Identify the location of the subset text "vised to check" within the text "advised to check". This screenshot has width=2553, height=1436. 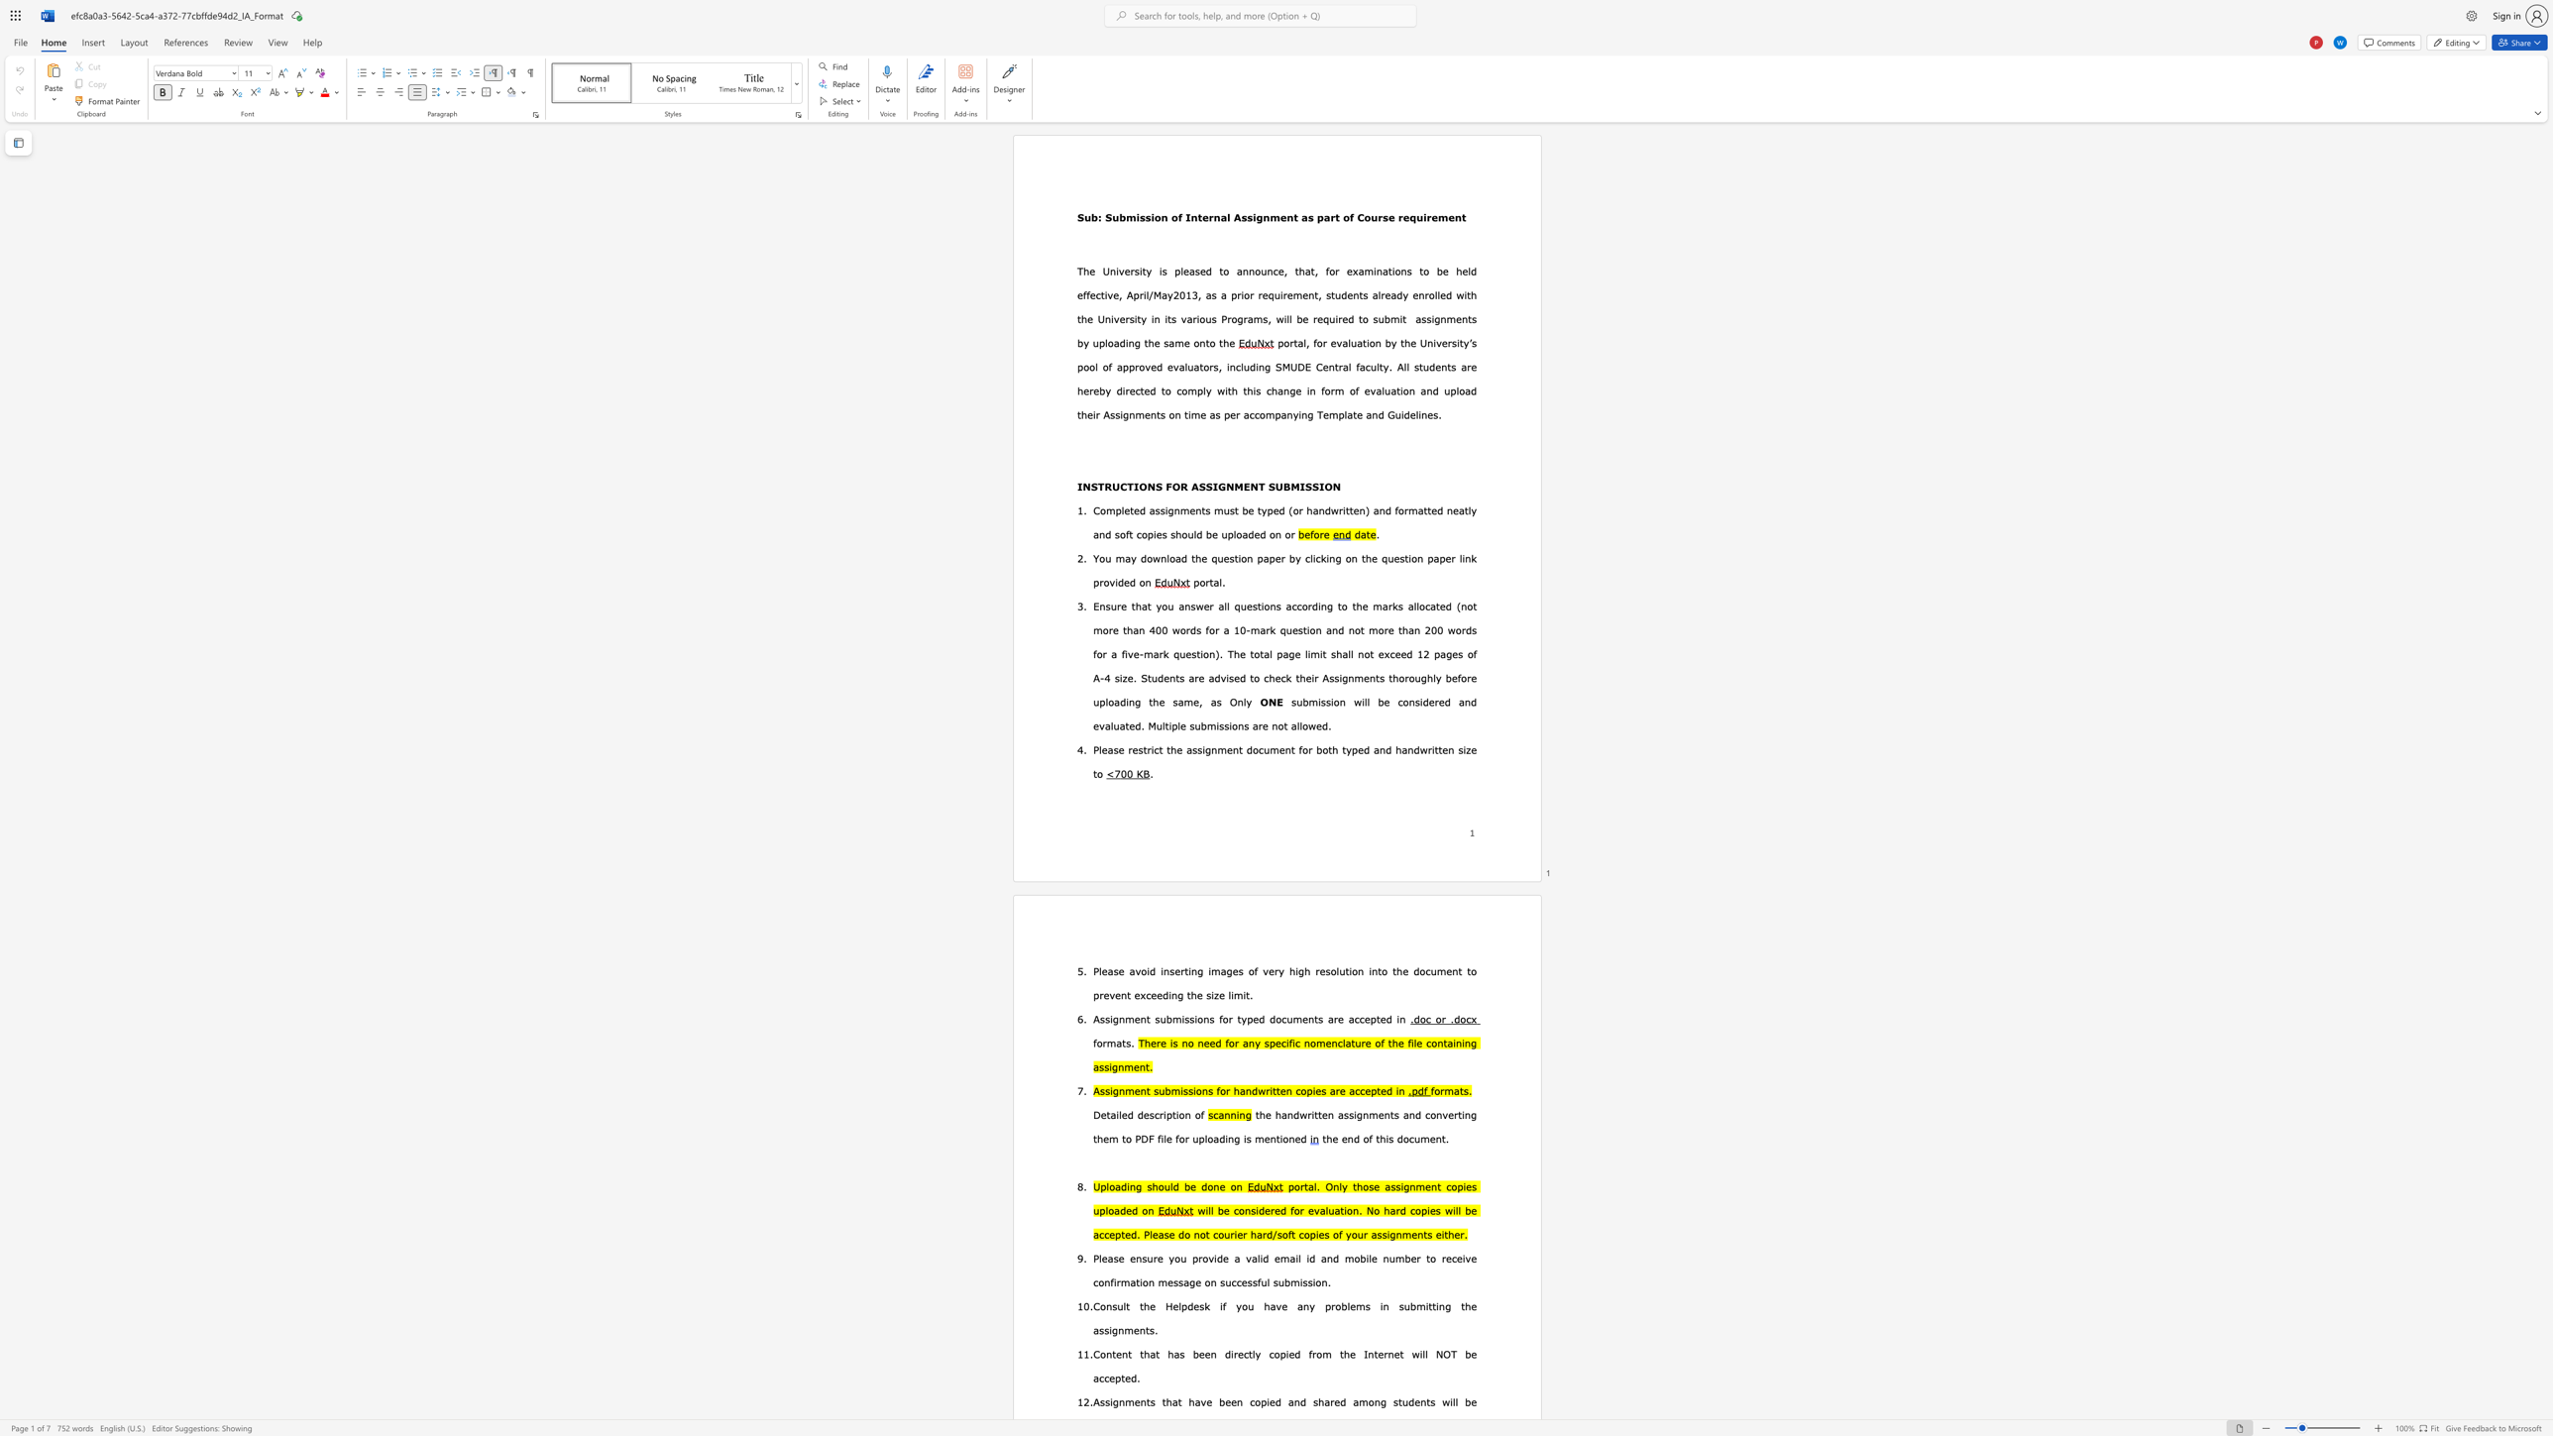
(1220, 676).